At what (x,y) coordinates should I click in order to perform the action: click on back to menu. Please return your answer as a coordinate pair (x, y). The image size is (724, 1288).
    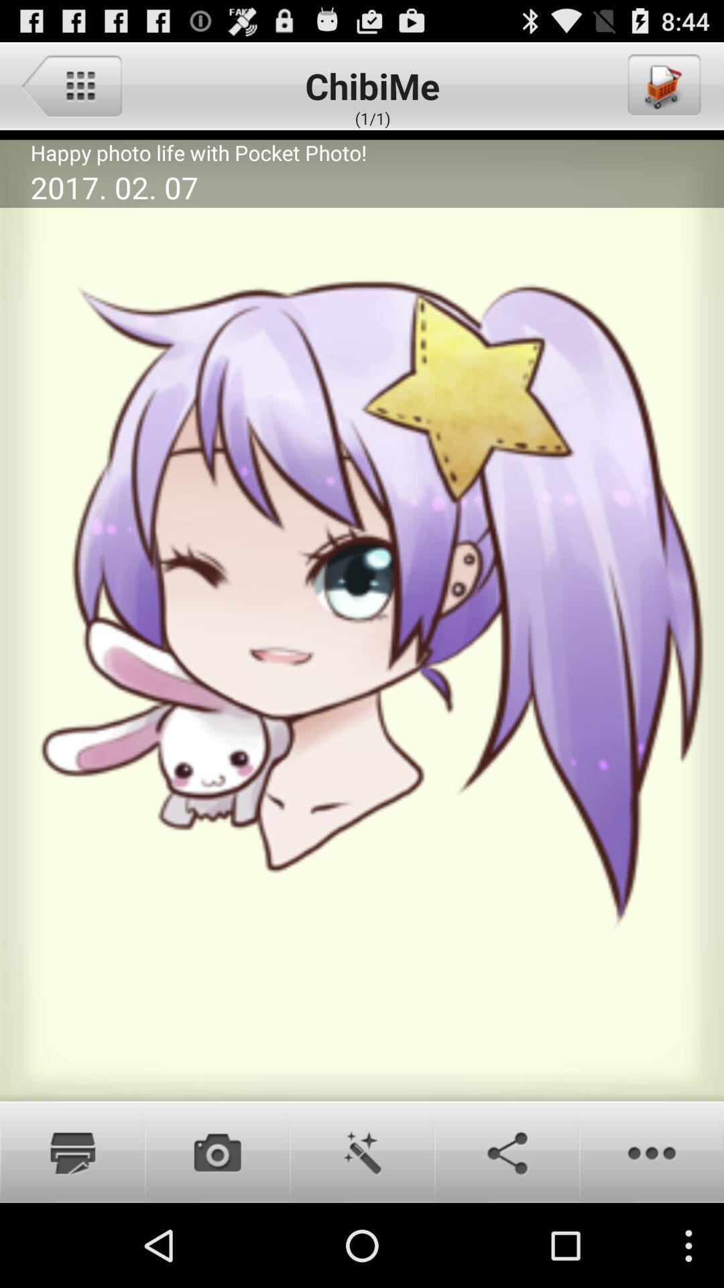
    Looking at the image, I should click on (71, 85).